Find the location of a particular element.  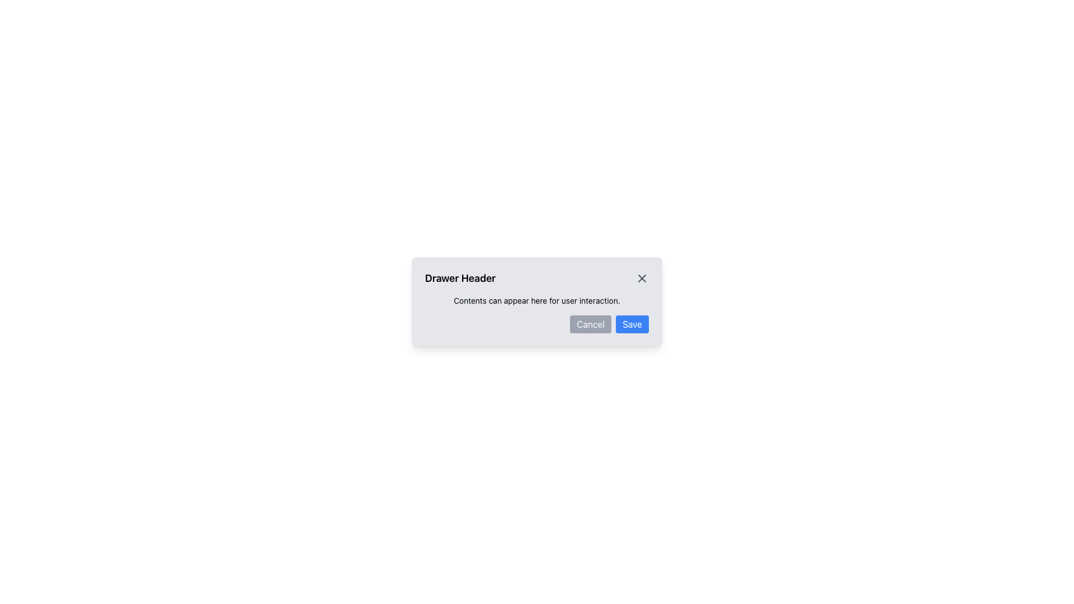

the close icon located at the top-right of the dialog box is located at coordinates (642, 277).